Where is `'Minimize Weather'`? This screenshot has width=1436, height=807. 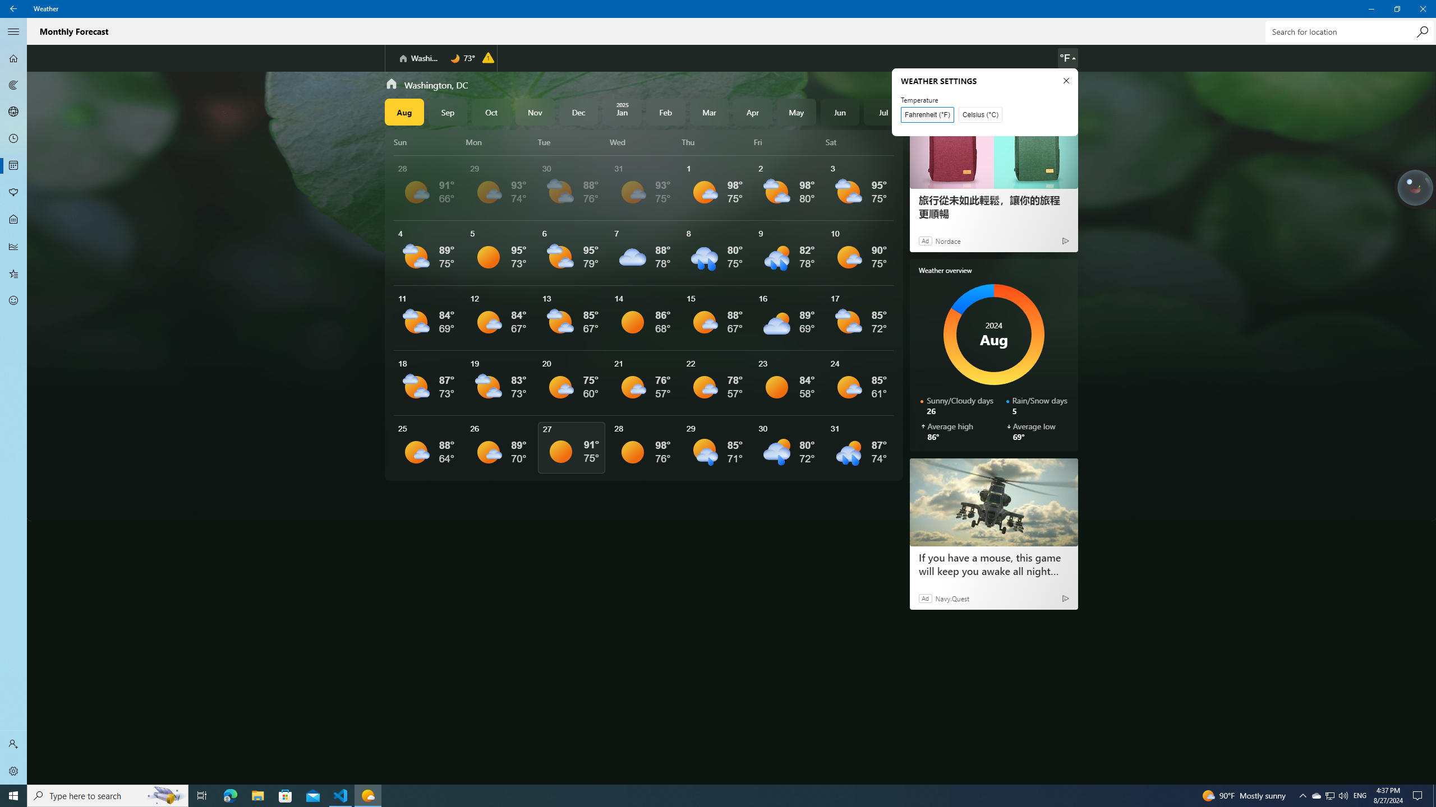 'Minimize Weather' is located at coordinates (1370, 8).